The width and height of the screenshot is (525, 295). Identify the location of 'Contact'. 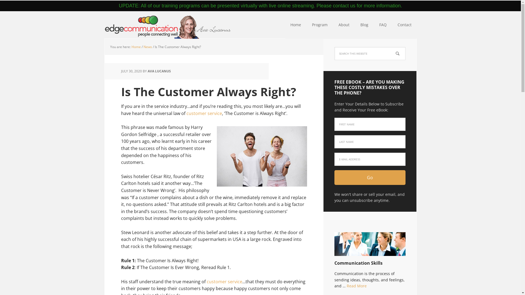
(404, 25).